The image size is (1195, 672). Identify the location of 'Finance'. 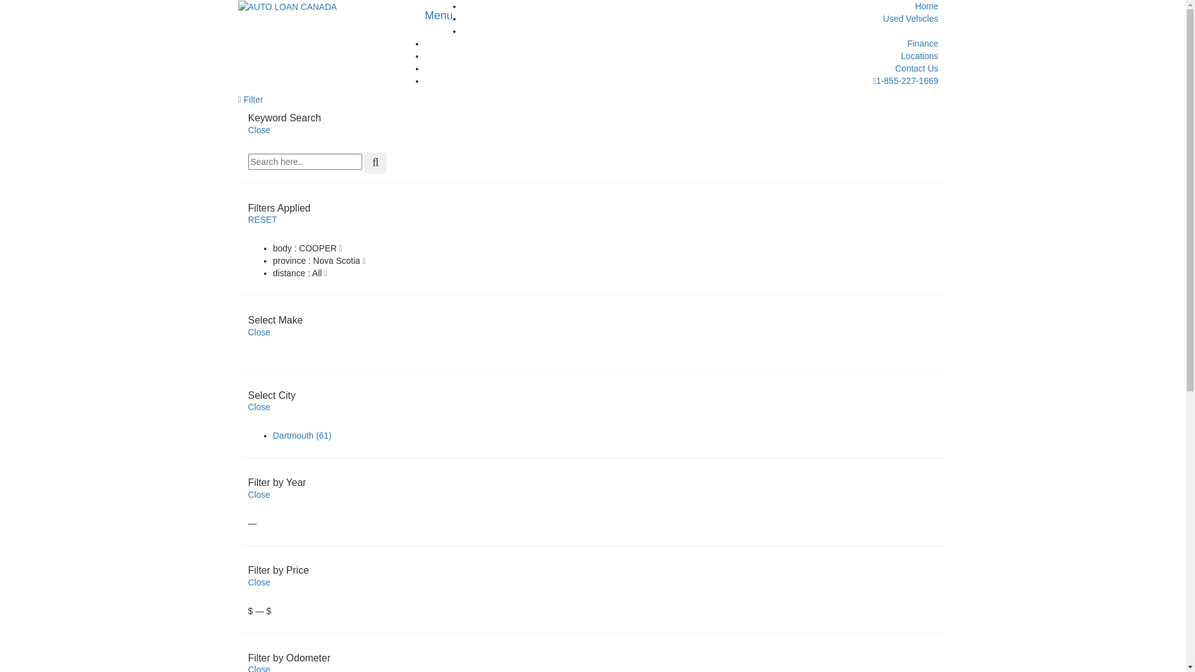
(923, 42).